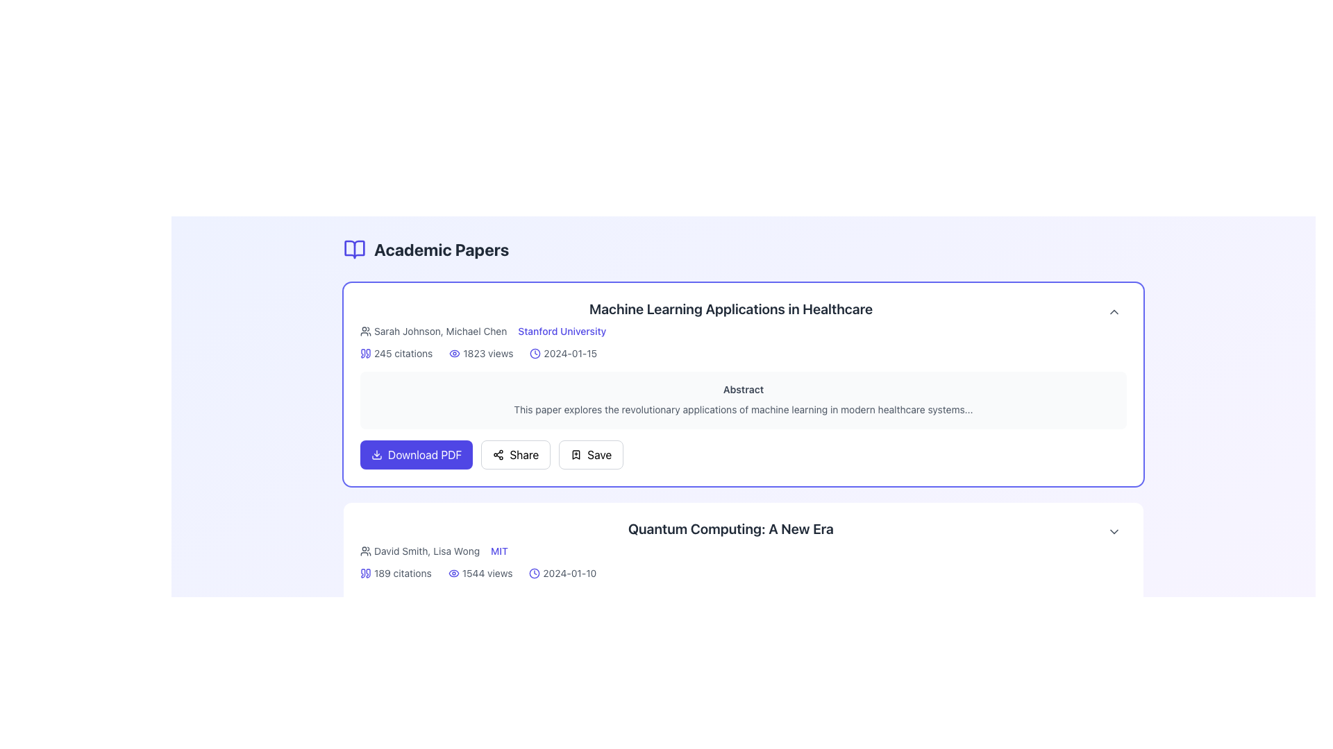 This screenshot has height=749, width=1333. I want to click on the indigo clock icon, which is a small circular icon with clock hands, located to the left of the date text '2024-01-10' in the paper metadata section of the second card titled 'Quantum Computing: A New Era', so click(534, 573).